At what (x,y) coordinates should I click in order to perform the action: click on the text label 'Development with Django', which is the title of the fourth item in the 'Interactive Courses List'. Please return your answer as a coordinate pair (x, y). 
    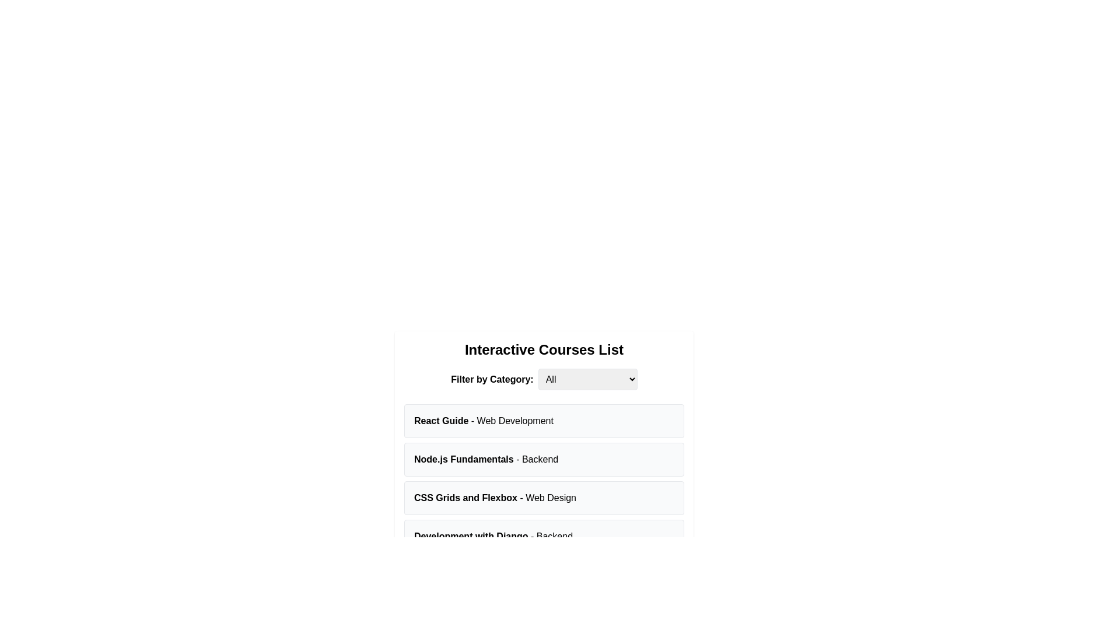
    Looking at the image, I should click on (471, 536).